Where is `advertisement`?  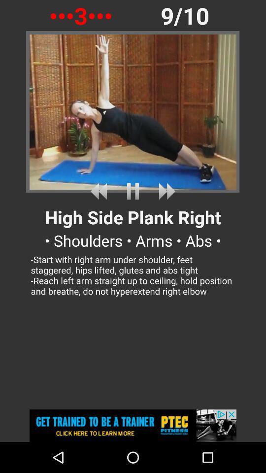 advertisement is located at coordinates (133, 425).